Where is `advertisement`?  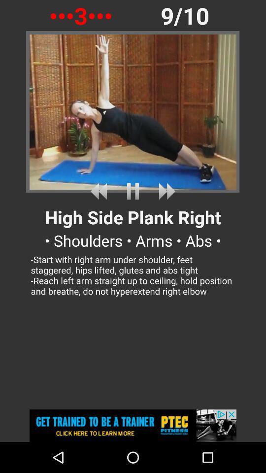 advertisement is located at coordinates (133, 425).